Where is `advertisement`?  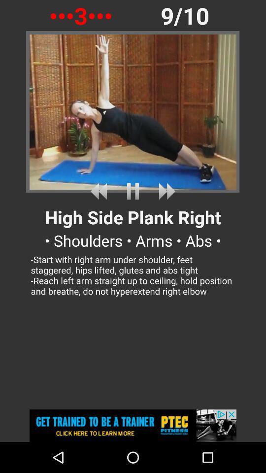 advertisement is located at coordinates (133, 425).